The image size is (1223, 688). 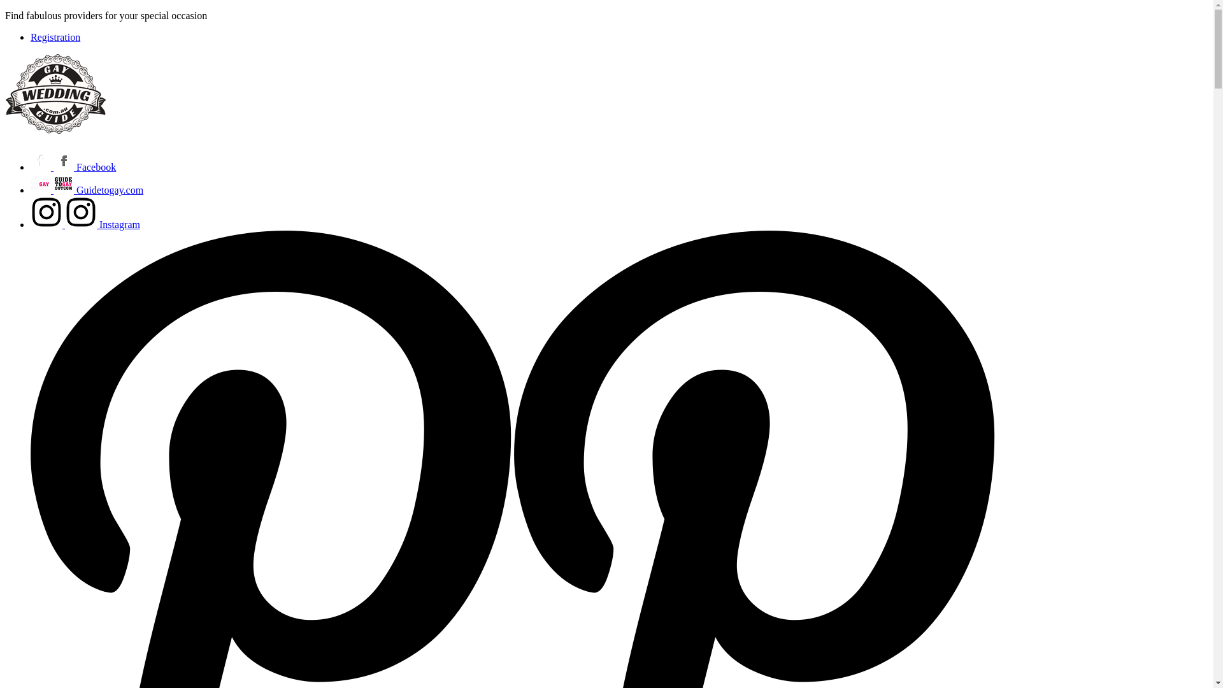 What do you see at coordinates (31, 224) in the screenshot?
I see `'Instagram'` at bounding box center [31, 224].